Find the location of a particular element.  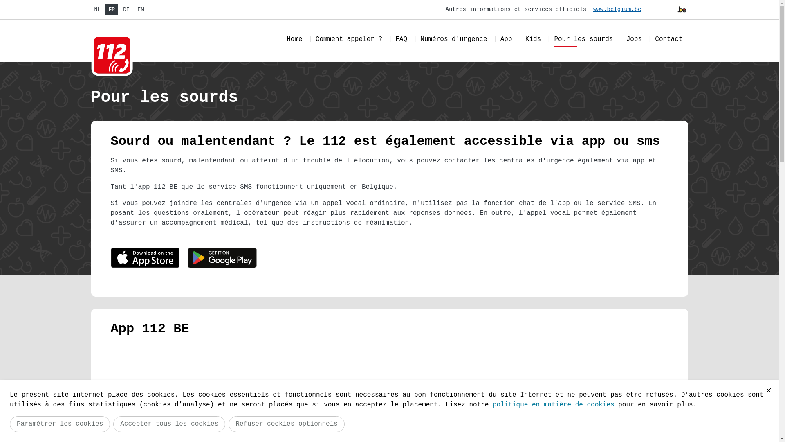

'Home' is located at coordinates (294, 41).